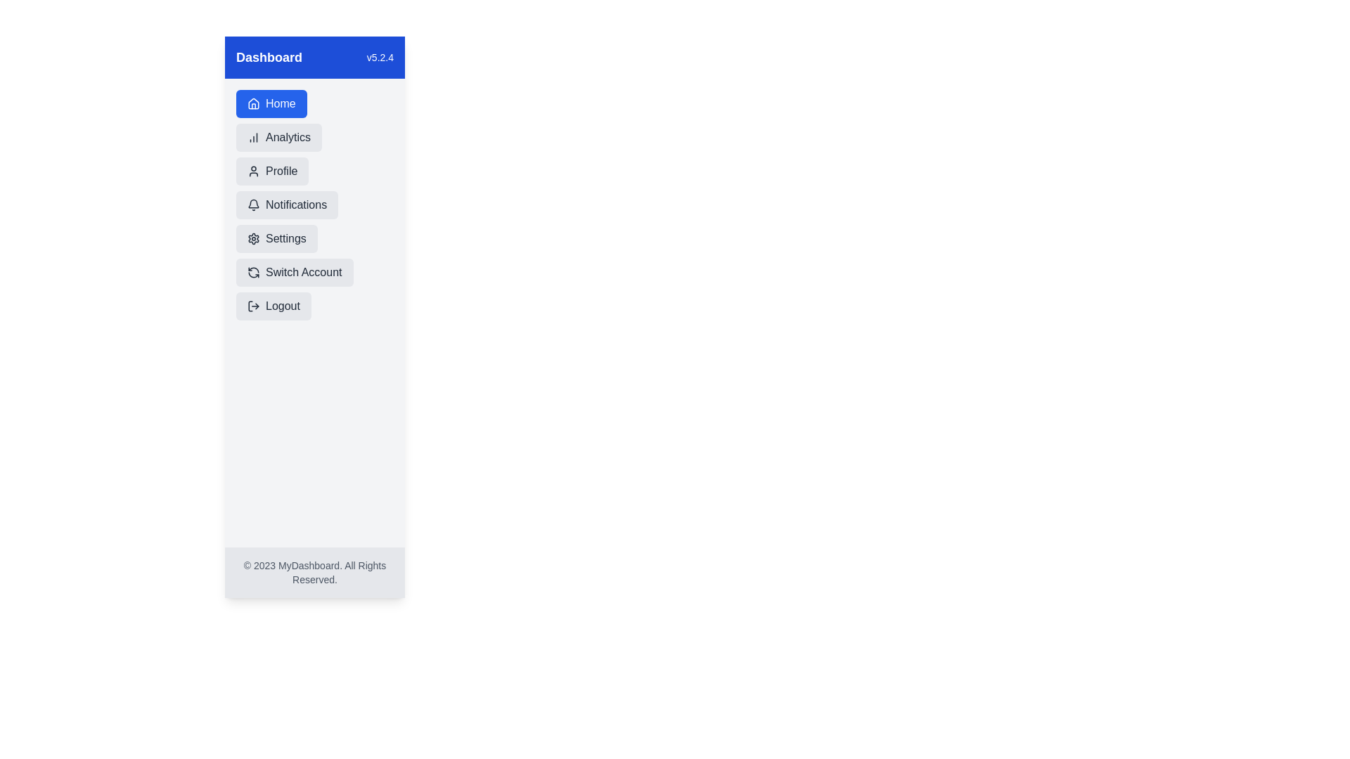  Describe the element at coordinates (253, 205) in the screenshot. I see `the Notifications icon located in the sidebar menu` at that location.